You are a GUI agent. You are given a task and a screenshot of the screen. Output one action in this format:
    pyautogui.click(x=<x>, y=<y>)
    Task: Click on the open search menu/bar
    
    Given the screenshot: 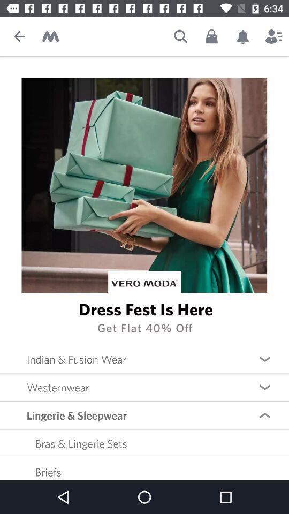 What is the action you would take?
    pyautogui.click(x=180, y=36)
    